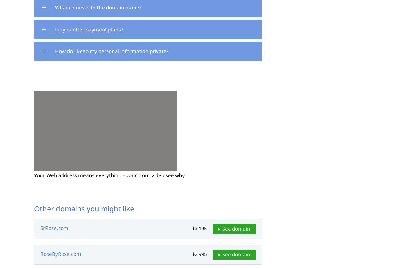  Describe the element at coordinates (61, 254) in the screenshot. I see `'RoseByRose.com'` at that location.